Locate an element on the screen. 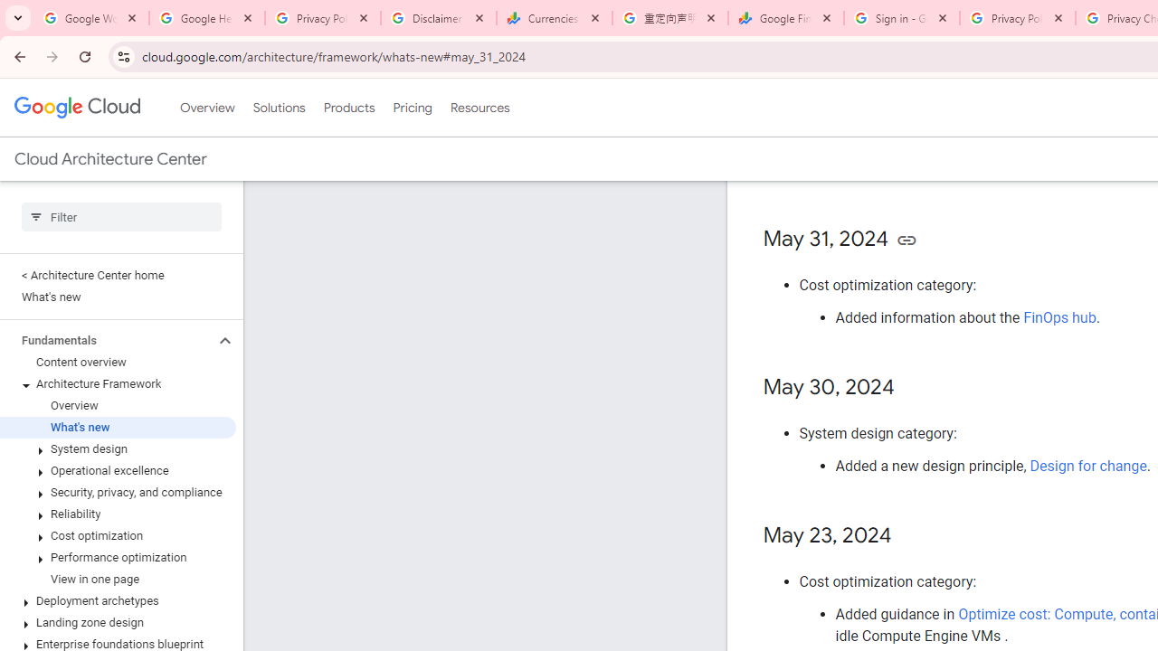  'FinOps hub' is located at coordinates (1059, 316).